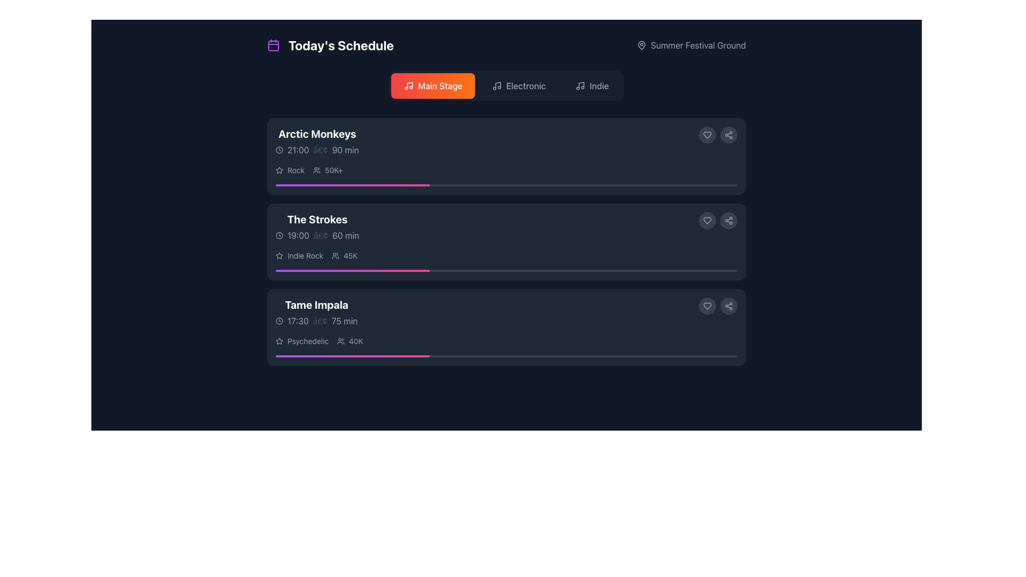 Image resolution: width=1026 pixels, height=577 pixels. Describe the element at coordinates (279, 235) in the screenshot. I see `the time indicator icon located at the beginning of the horizontal arrangement aligned with the text '19:00' for informational purposes` at that location.